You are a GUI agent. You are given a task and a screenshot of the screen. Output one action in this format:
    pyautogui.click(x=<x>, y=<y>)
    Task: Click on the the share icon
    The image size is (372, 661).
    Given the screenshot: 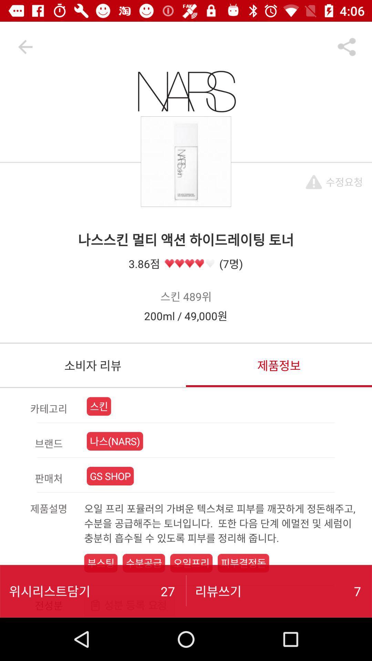 What is the action you would take?
    pyautogui.click(x=347, y=46)
    